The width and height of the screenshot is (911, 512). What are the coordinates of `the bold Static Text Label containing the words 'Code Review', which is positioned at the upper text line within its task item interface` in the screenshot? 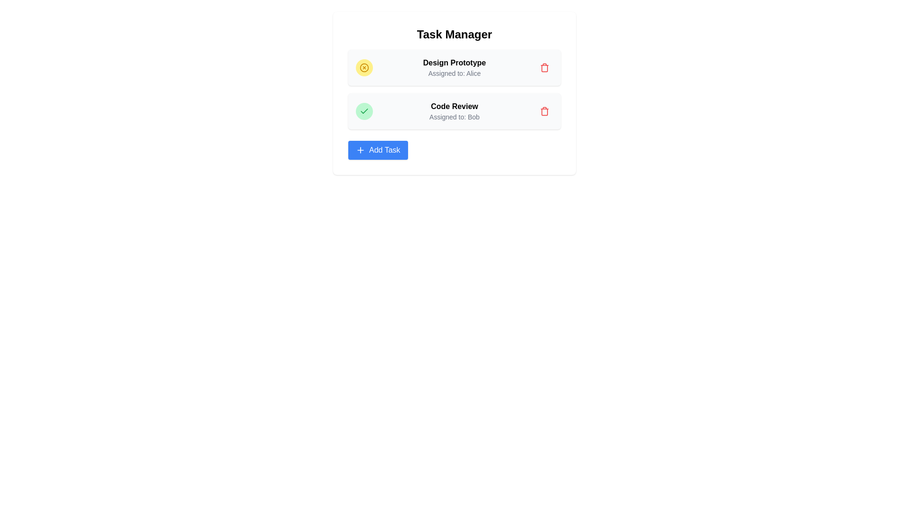 It's located at (454, 106).